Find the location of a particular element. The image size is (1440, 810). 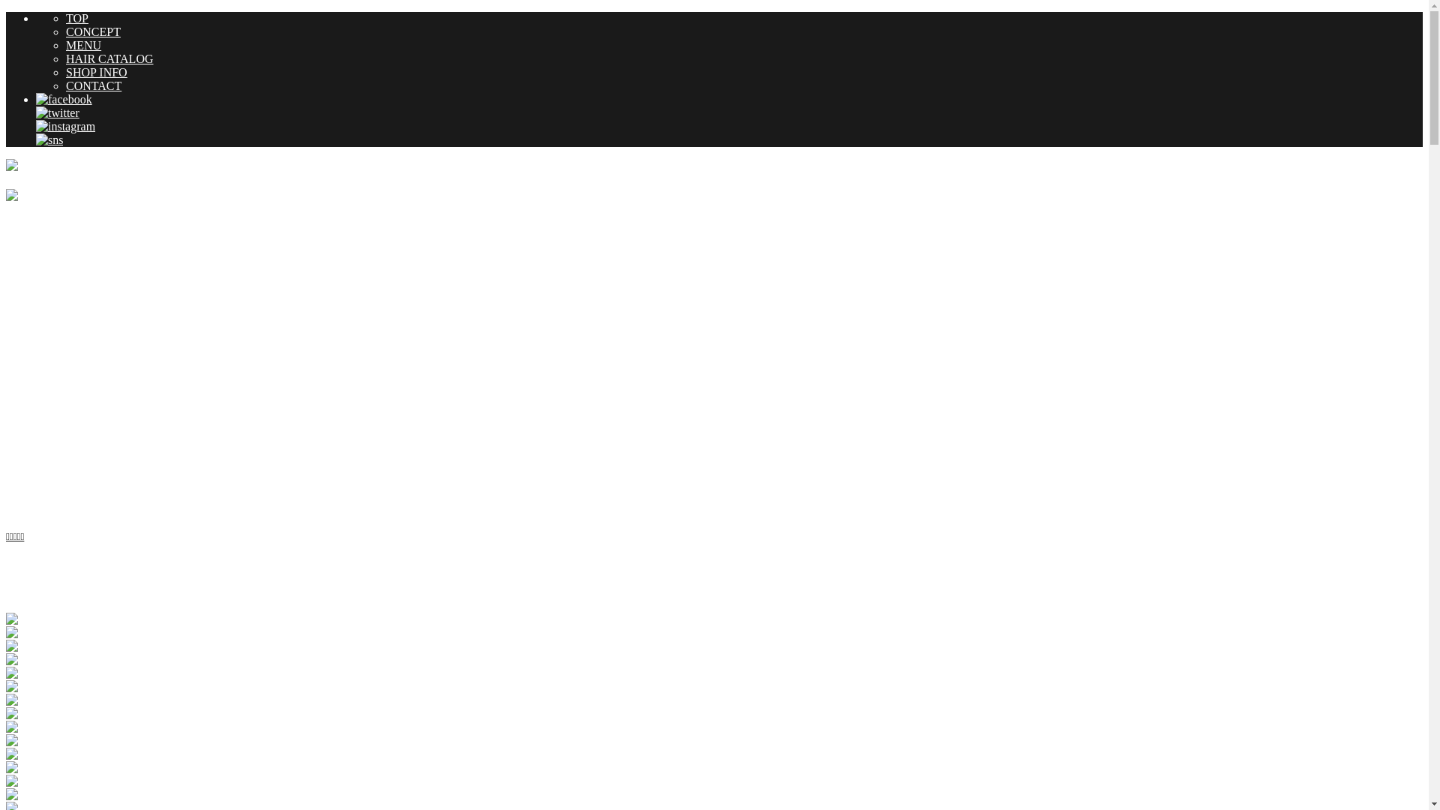

'CONTACT' is located at coordinates (92, 85).